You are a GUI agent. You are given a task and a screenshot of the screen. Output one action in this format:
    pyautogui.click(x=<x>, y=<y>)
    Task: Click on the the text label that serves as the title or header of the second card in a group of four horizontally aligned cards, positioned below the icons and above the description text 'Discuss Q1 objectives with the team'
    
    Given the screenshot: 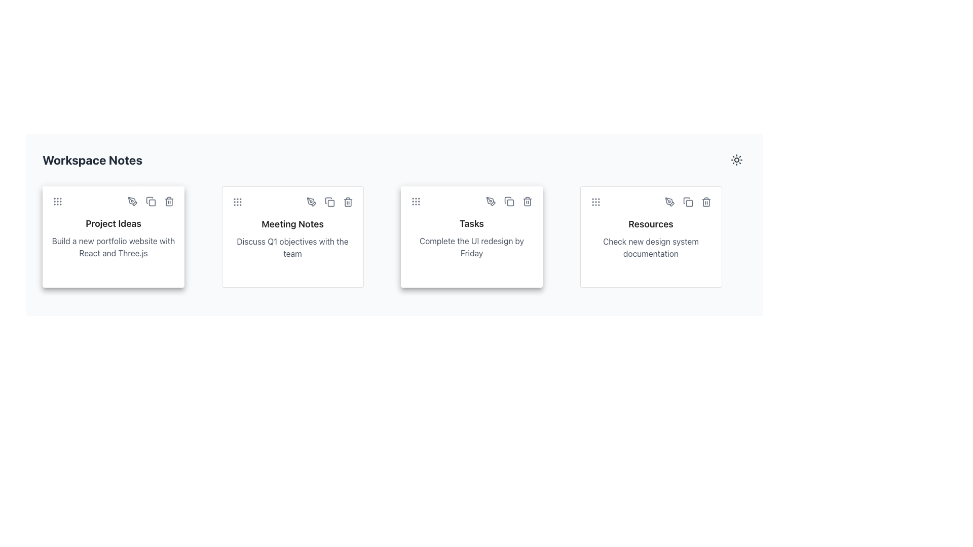 What is the action you would take?
    pyautogui.click(x=292, y=224)
    